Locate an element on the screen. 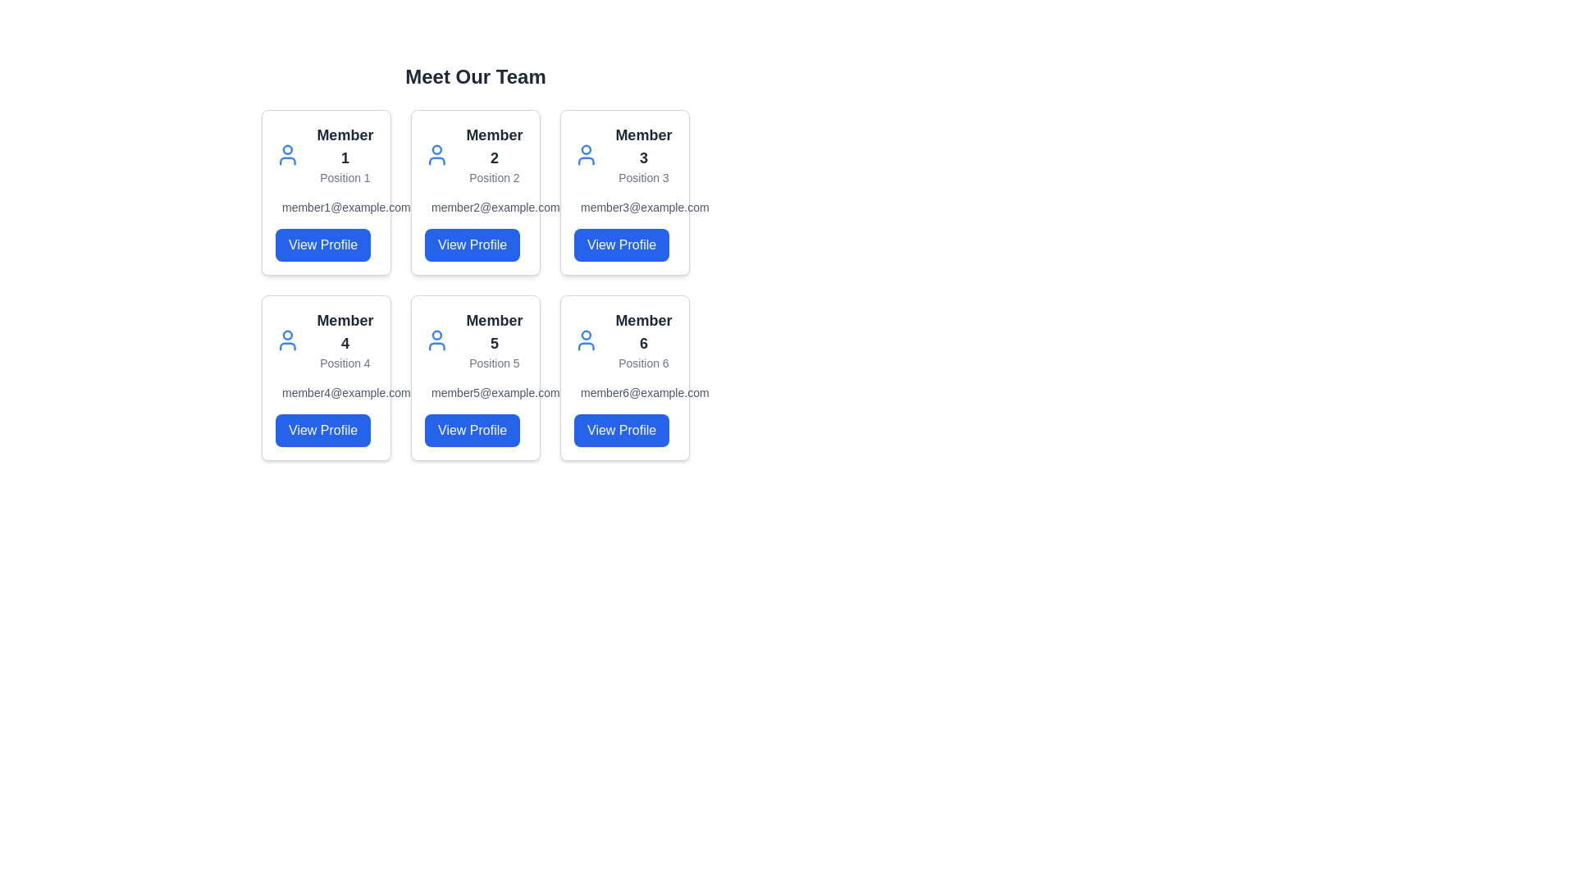  the team member label displaying their name and position, which is located in the second row, first column of a 3x2 grid layout under the 'Meet Our Team' title is located at coordinates (344, 340).